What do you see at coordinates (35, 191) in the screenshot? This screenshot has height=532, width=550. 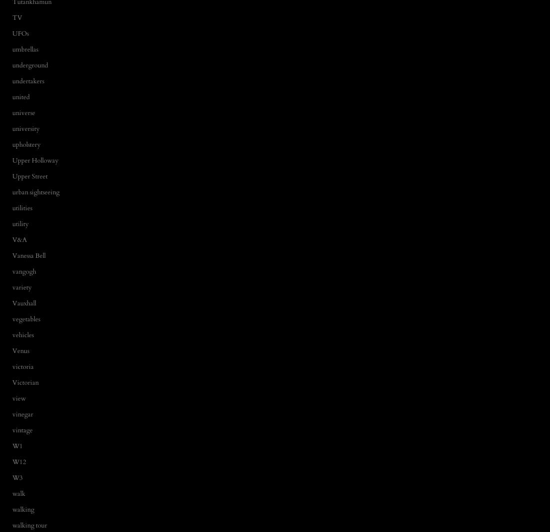 I see `'urban sightseeing'` at bounding box center [35, 191].